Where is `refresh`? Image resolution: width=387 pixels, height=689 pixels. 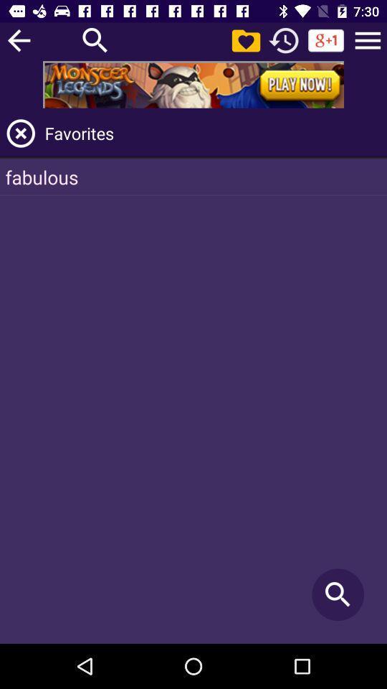 refresh is located at coordinates (284, 39).